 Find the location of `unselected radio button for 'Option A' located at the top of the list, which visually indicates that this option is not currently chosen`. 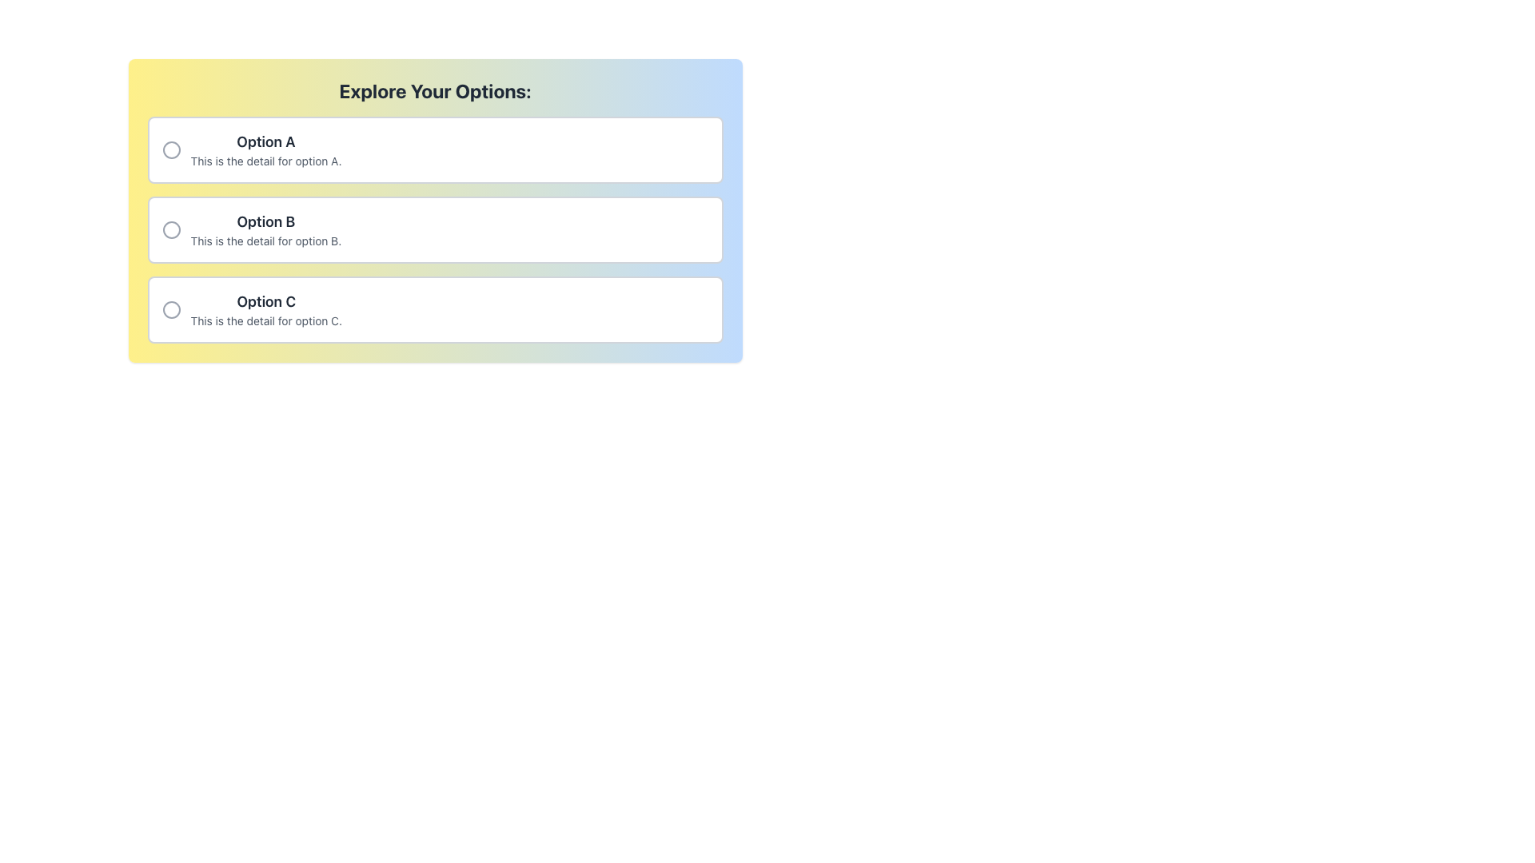

unselected radio button for 'Option A' located at the top of the list, which visually indicates that this option is not currently chosen is located at coordinates (171, 150).